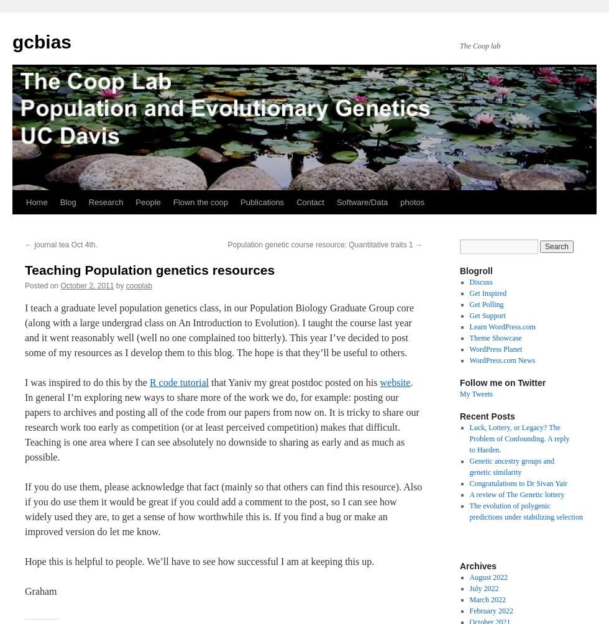  Describe the element at coordinates (475, 270) in the screenshot. I see `'Blogroll'` at that location.